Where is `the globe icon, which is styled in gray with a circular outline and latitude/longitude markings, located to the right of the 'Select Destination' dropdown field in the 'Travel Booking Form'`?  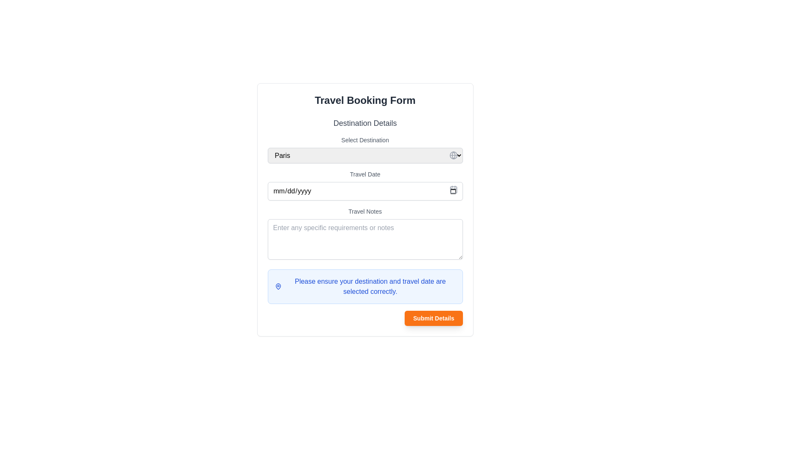
the globe icon, which is styled in gray with a circular outline and latitude/longitude markings, located to the right of the 'Select Destination' dropdown field in the 'Travel Booking Form' is located at coordinates (453, 155).